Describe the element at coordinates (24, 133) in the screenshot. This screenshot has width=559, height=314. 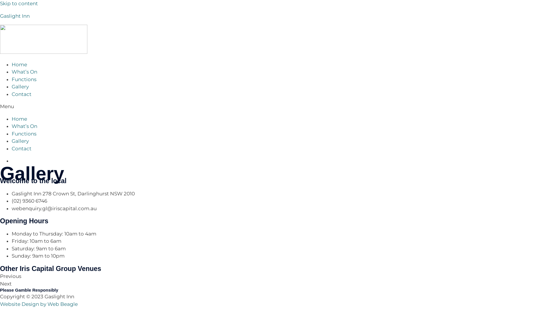
I see `'Functions'` at that location.